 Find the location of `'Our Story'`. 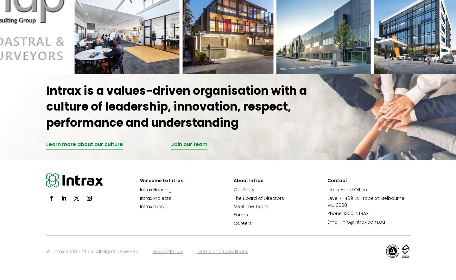

'Our Story' is located at coordinates (233, 189).